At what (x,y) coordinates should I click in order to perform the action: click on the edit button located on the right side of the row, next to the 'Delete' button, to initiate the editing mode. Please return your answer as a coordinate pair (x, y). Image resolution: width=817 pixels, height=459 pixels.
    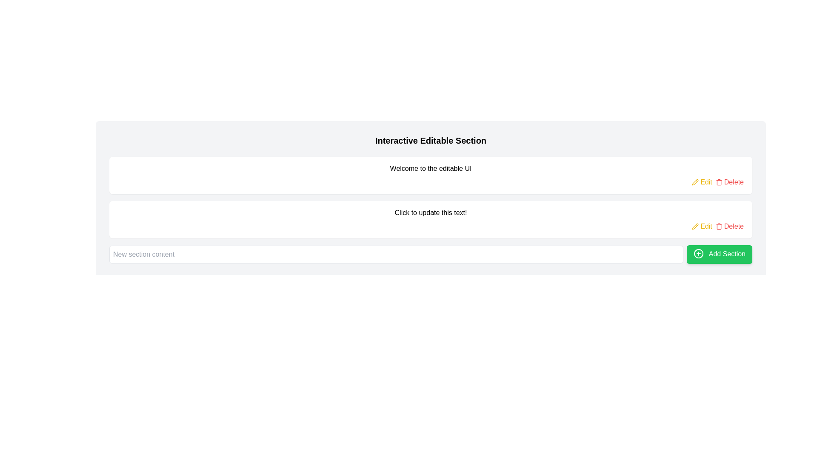
    Looking at the image, I should click on (702, 226).